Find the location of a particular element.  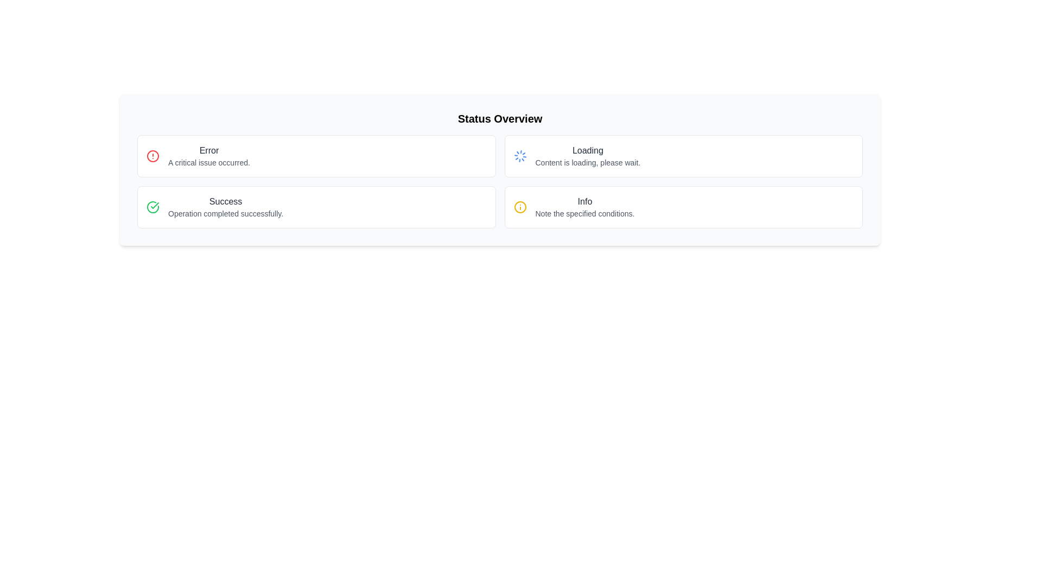

the error alert icon located to the left of the text 'Error A critical issue occurred.' is located at coordinates (153, 156).